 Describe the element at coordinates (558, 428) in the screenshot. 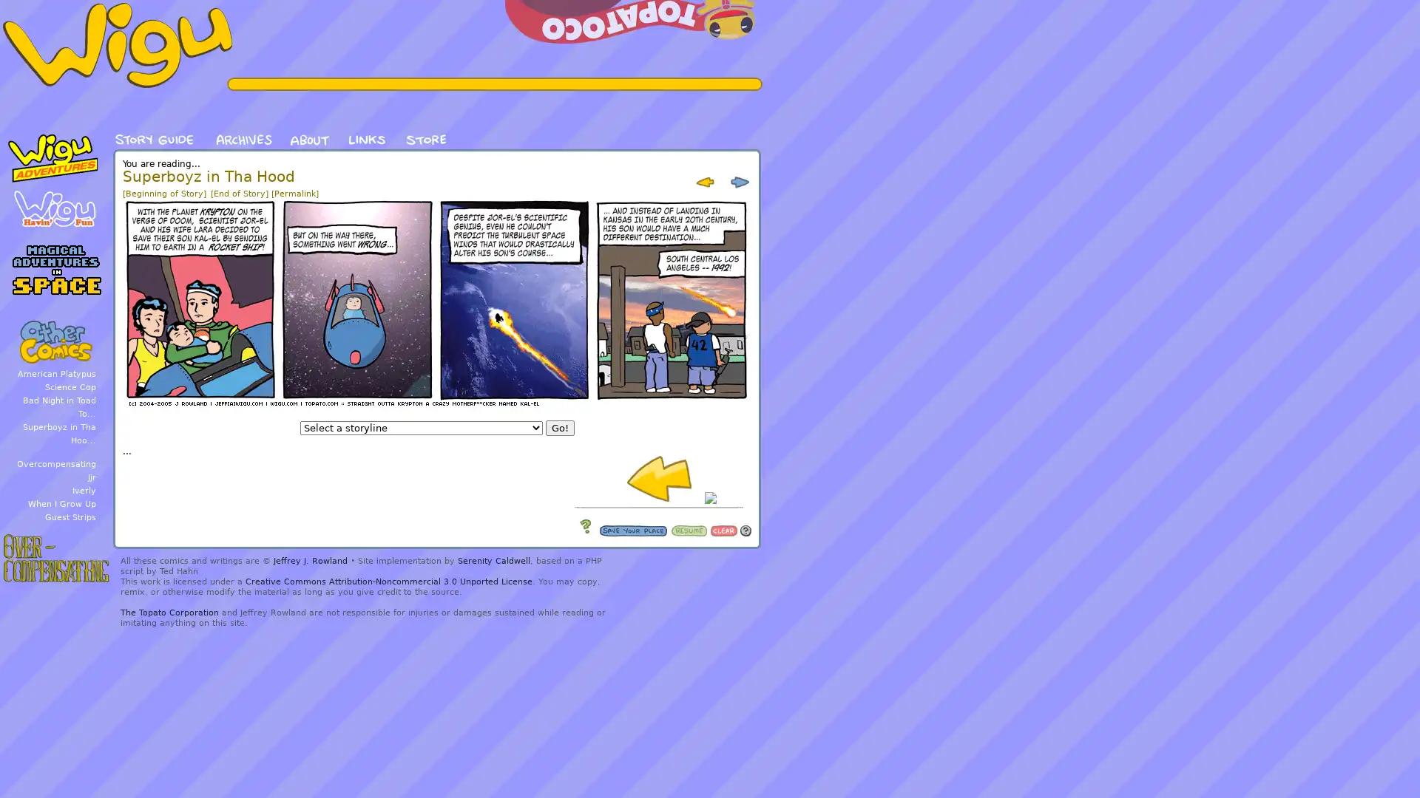

I see `Go!` at that location.